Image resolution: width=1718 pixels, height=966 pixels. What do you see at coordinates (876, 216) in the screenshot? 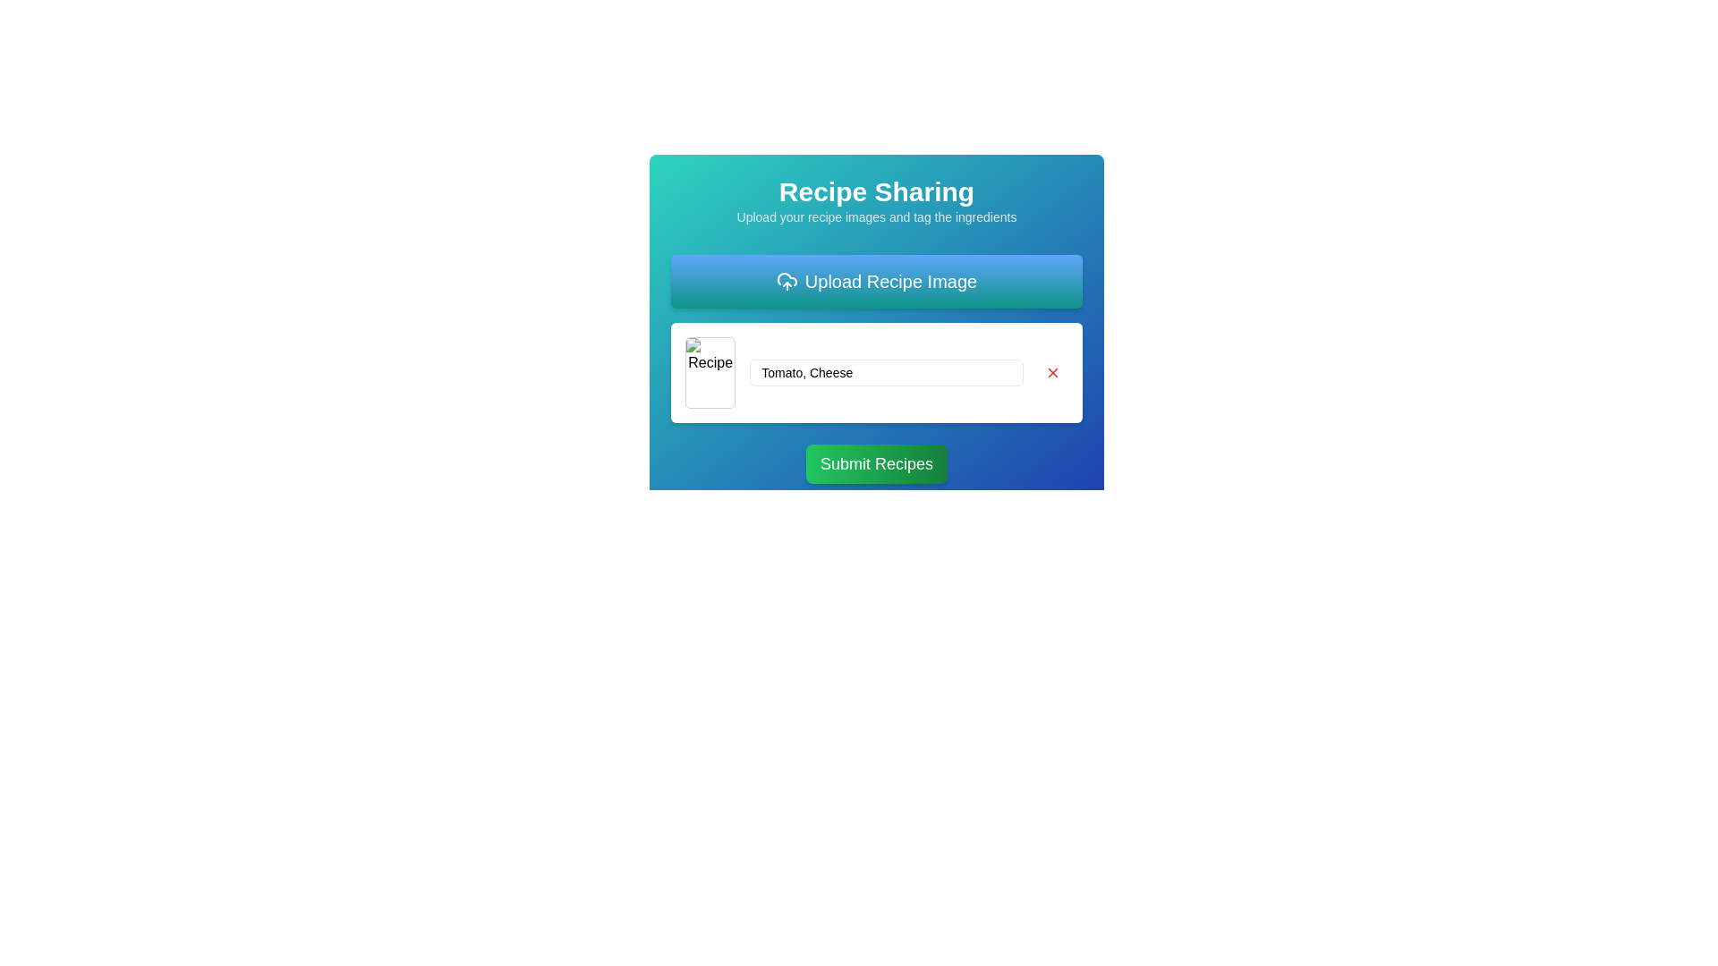
I see `the static text element that reads 'Upload your recipe images and tag the ingredients.', styled in light gray and positioned below the title 'Recipe Sharing'` at bounding box center [876, 216].